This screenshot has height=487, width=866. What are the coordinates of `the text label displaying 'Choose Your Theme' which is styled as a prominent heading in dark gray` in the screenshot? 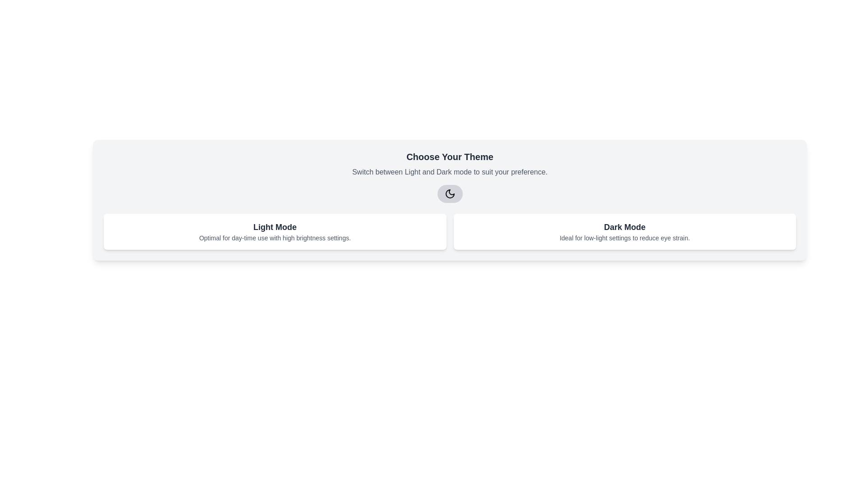 It's located at (450, 156).